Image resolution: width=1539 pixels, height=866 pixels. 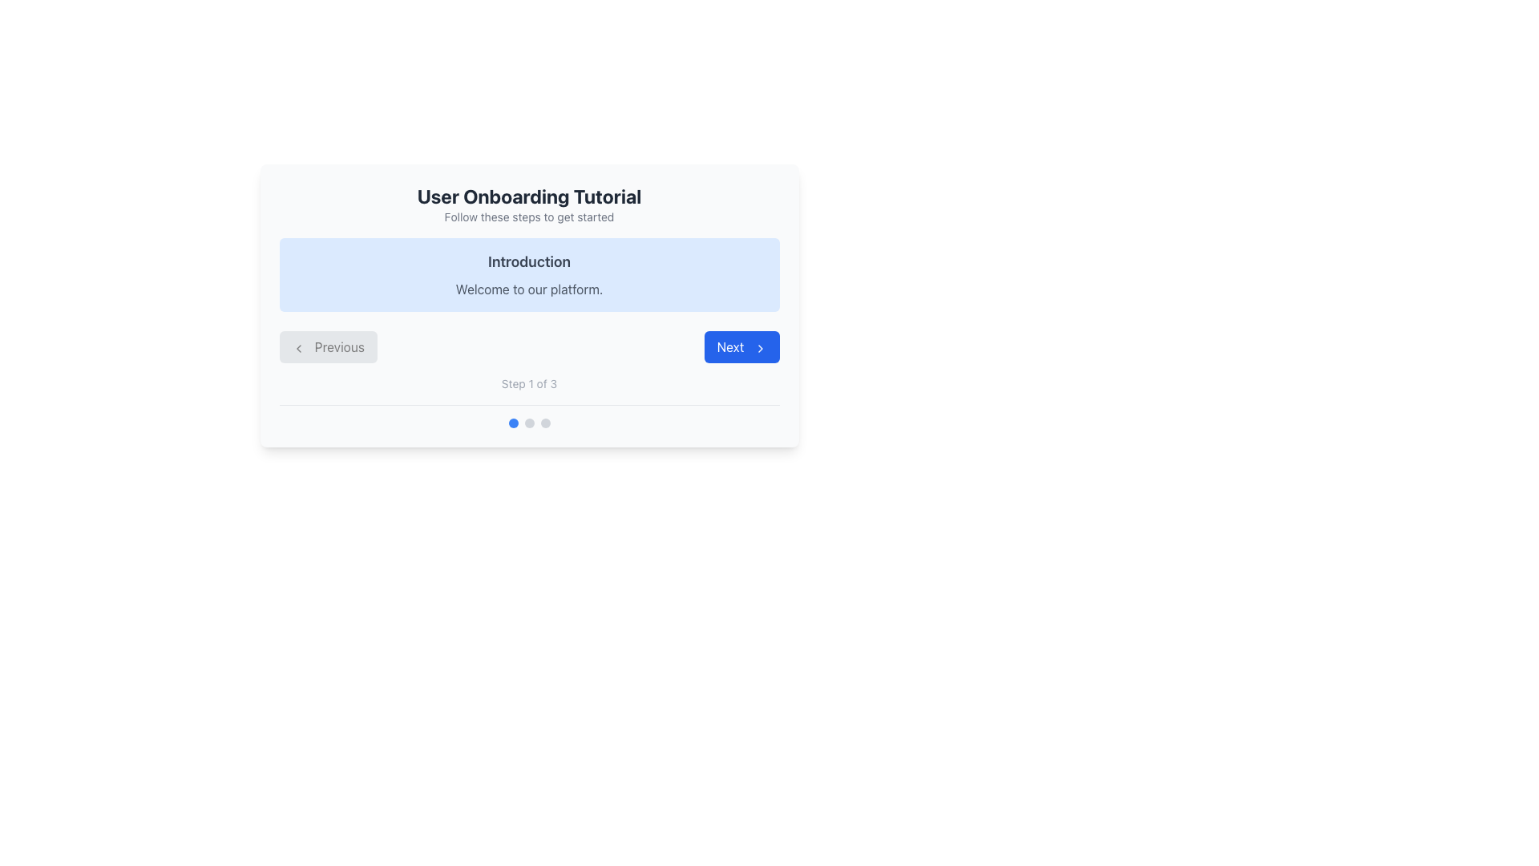 I want to click on the leftward-facing chevron icon inside the 'Previous' button, which has a light gray background and is located at the bottom-left section of the onboarding dialog, to provide visual feedback, so click(x=298, y=347).